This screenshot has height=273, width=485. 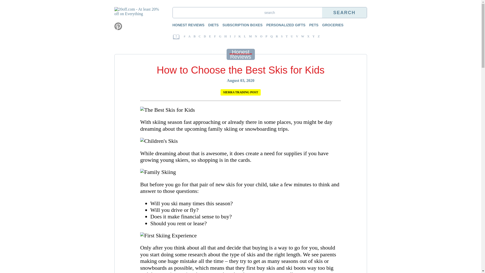 I want to click on 'T', so click(x=286, y=36).